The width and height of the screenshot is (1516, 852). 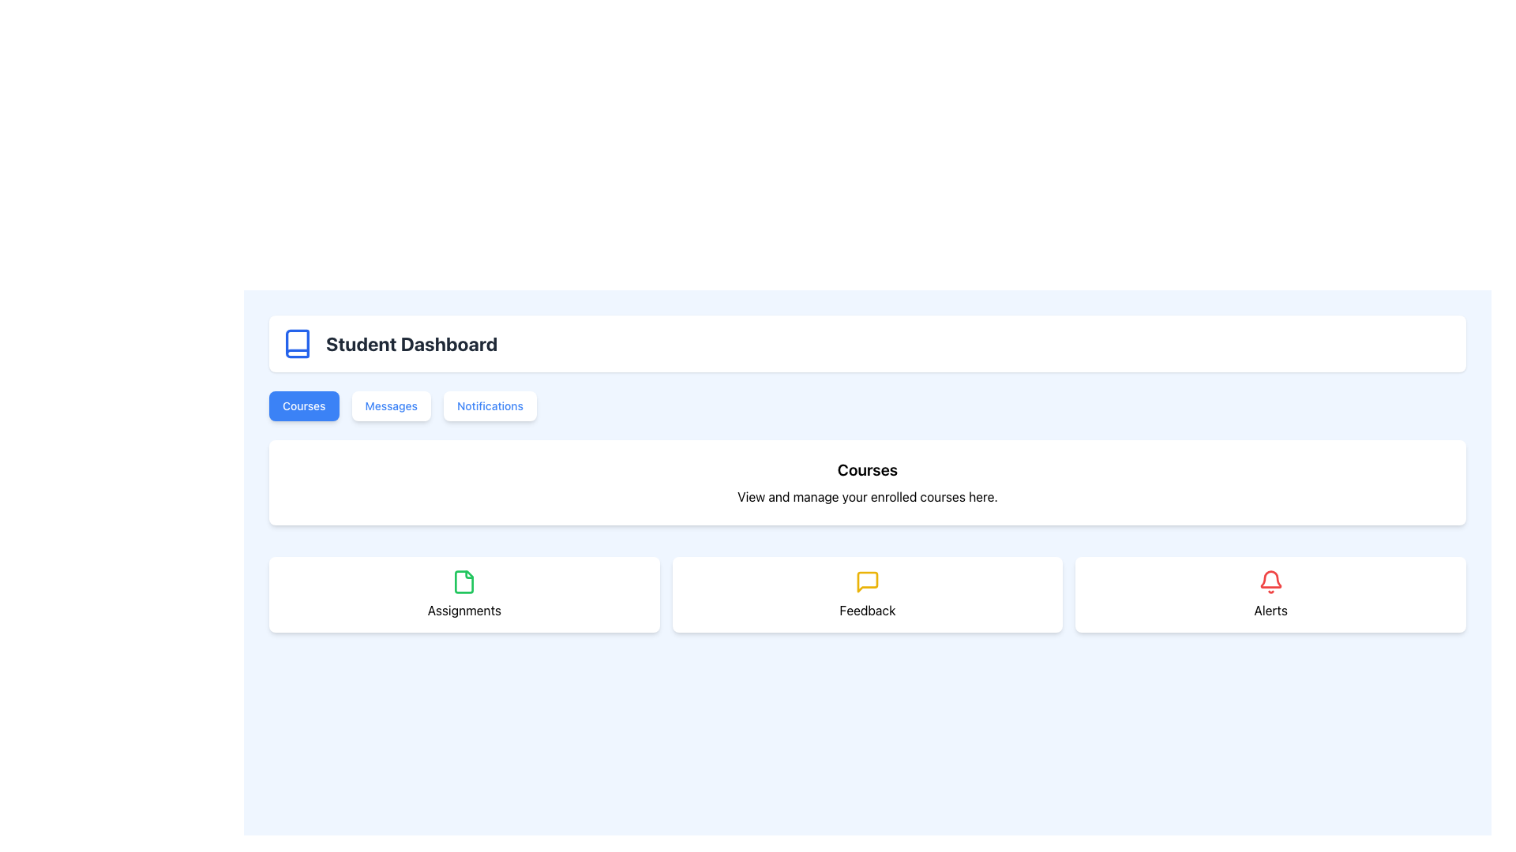 What do you see at coordinates (867, 581) in the screenshot?
I see `the yellow speech bubble icon representing messages or notifications, located in the center of the Feedback card in the second row under the Courses section` at bounding box center [867, 581].